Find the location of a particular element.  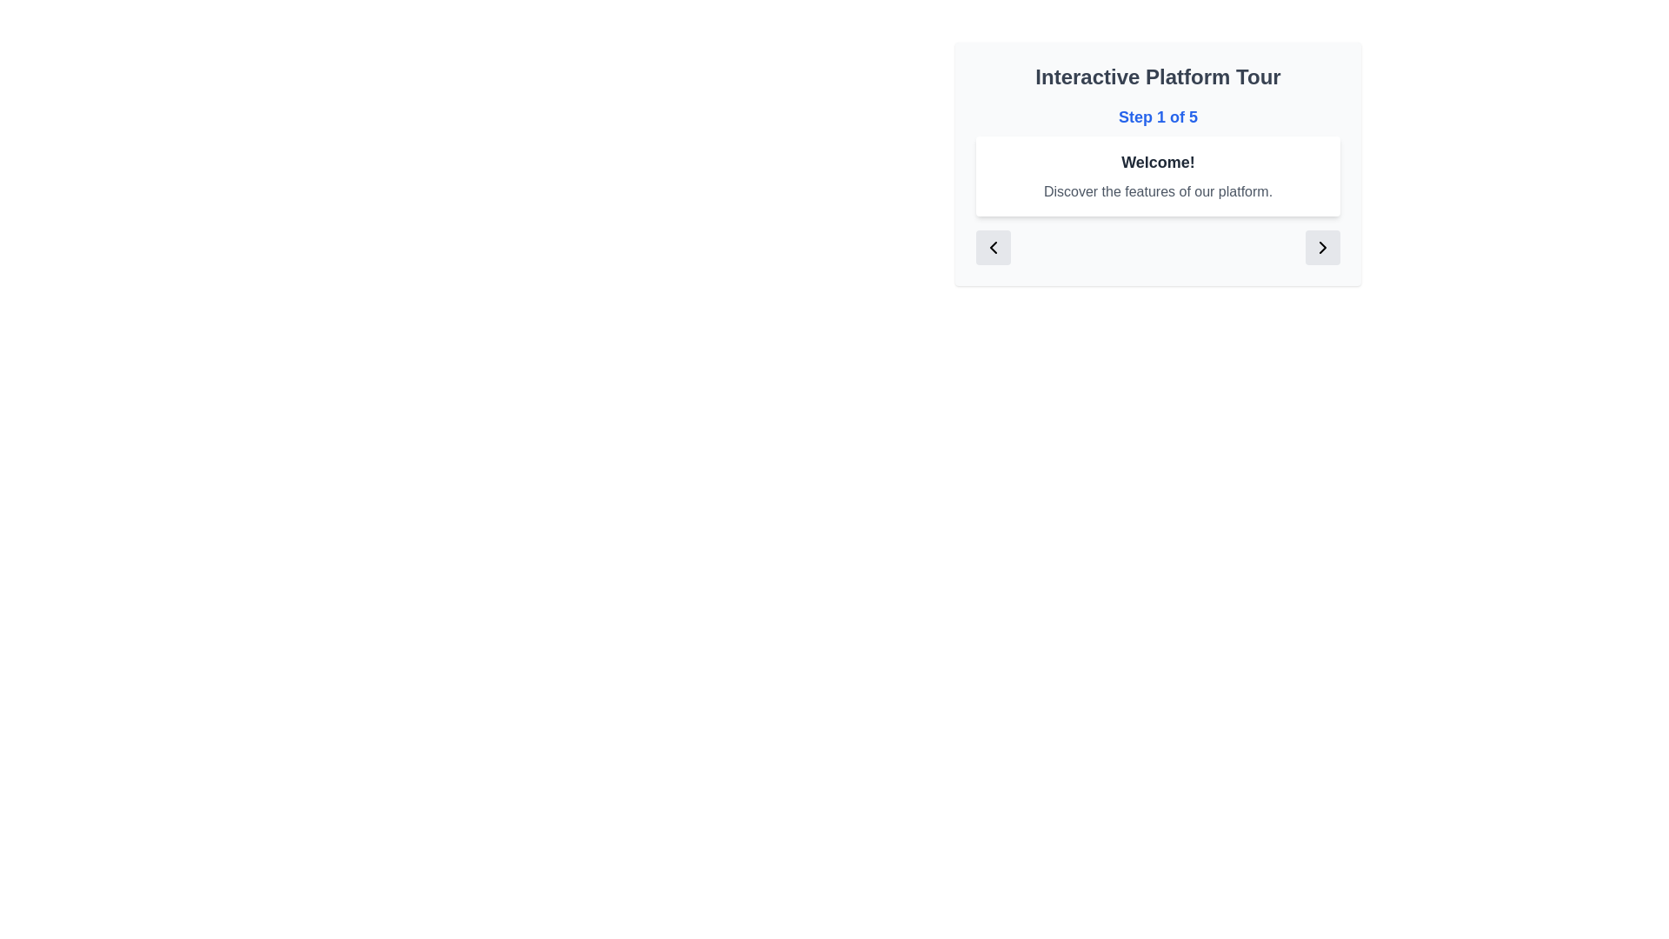

the Text Content element that informs the user of their current position in a sequence, located below the title 'Interactive Platform Tour' near the top-center of the card section is located at coordinates (1158, 117).